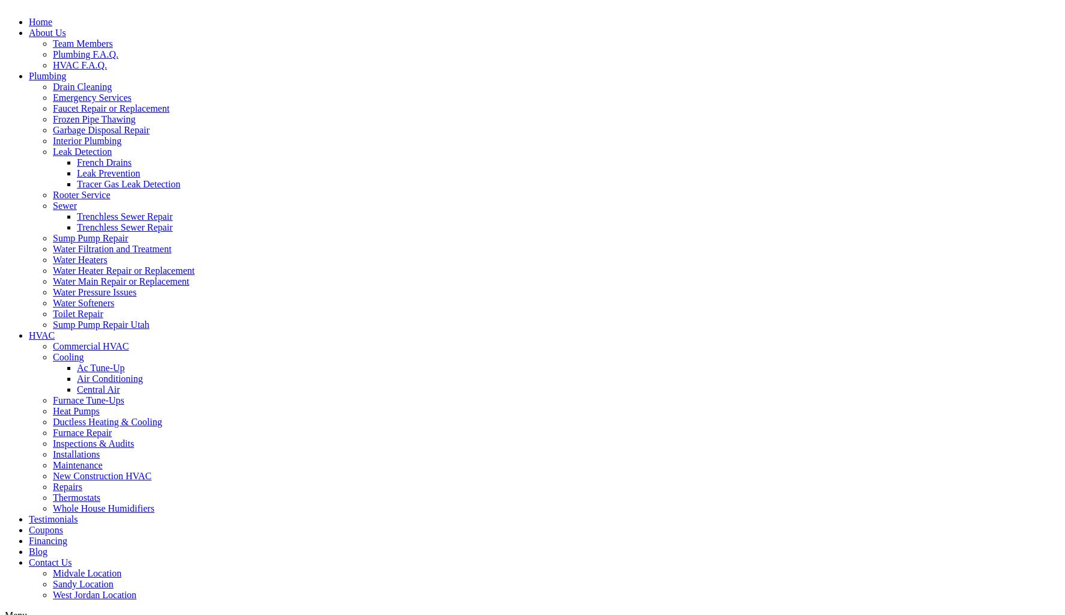 The height and width of the screenshot is (615, 1065). What do you see at coordinates (100, 324) in the screenshot?
I see `'Sump Pump Repair Utah'` at bounding box center [100, 324].